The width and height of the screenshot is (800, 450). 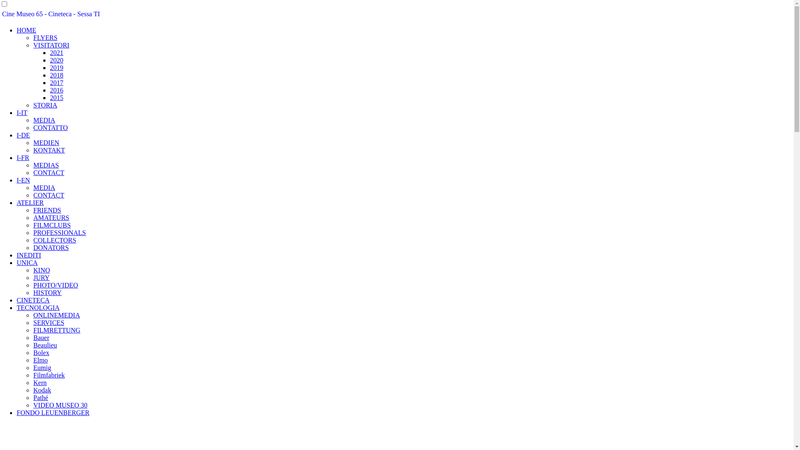 I want to click on 'AMATEURS', so click(x=51, y=217).